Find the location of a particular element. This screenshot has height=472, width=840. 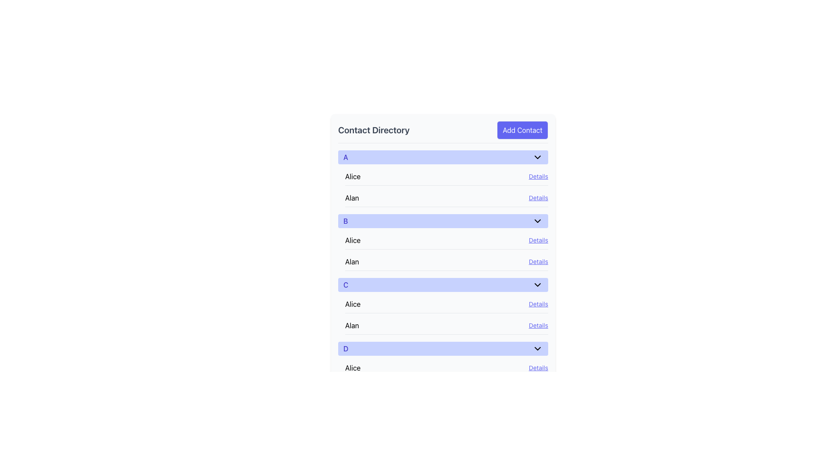

the downward-pointing chevron icon button located to the far right of the list header with the label 'A' is located at coordinates (537, 156).